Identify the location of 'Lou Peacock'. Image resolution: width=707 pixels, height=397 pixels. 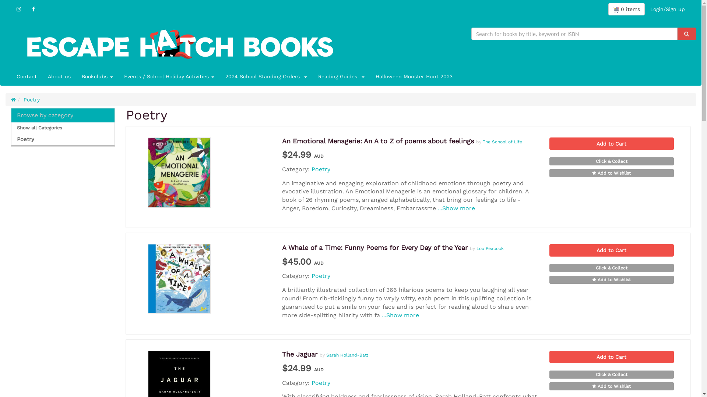
(490, 248).